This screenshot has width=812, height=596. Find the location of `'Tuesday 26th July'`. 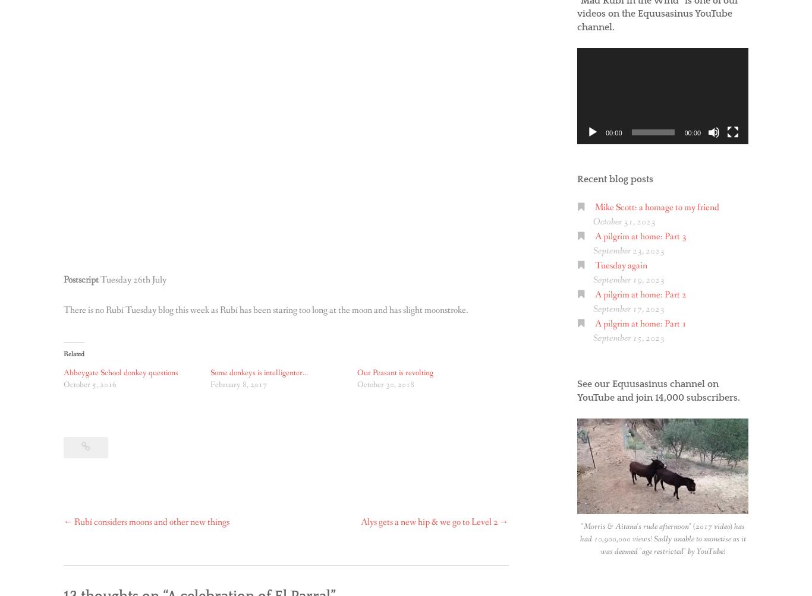

'Tuesday 26th July' is located at coordinates (133, 279).